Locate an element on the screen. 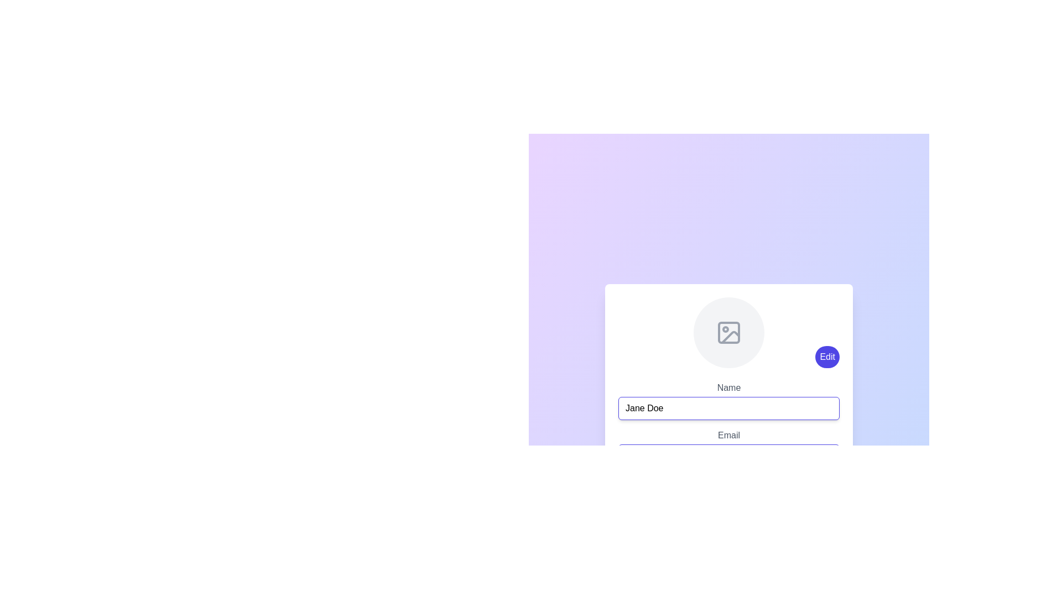  'Email' text label, which is styled with medium font weight and gray color, located below the 'Name' input box using developer tools is located at coordinates (729, 432).